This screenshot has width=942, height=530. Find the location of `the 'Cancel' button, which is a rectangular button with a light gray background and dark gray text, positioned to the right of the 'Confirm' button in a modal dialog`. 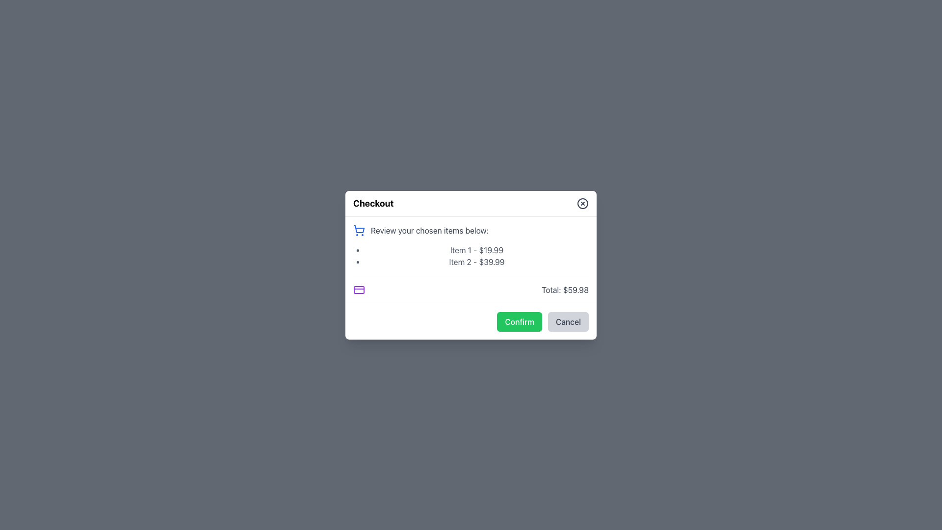

the 'Cancel' button, which is a rectangular button with a light gray background and dark gray text, positioned to the right of the 'Confirm' button in a modal dialog is located at coordinates (568, 321).